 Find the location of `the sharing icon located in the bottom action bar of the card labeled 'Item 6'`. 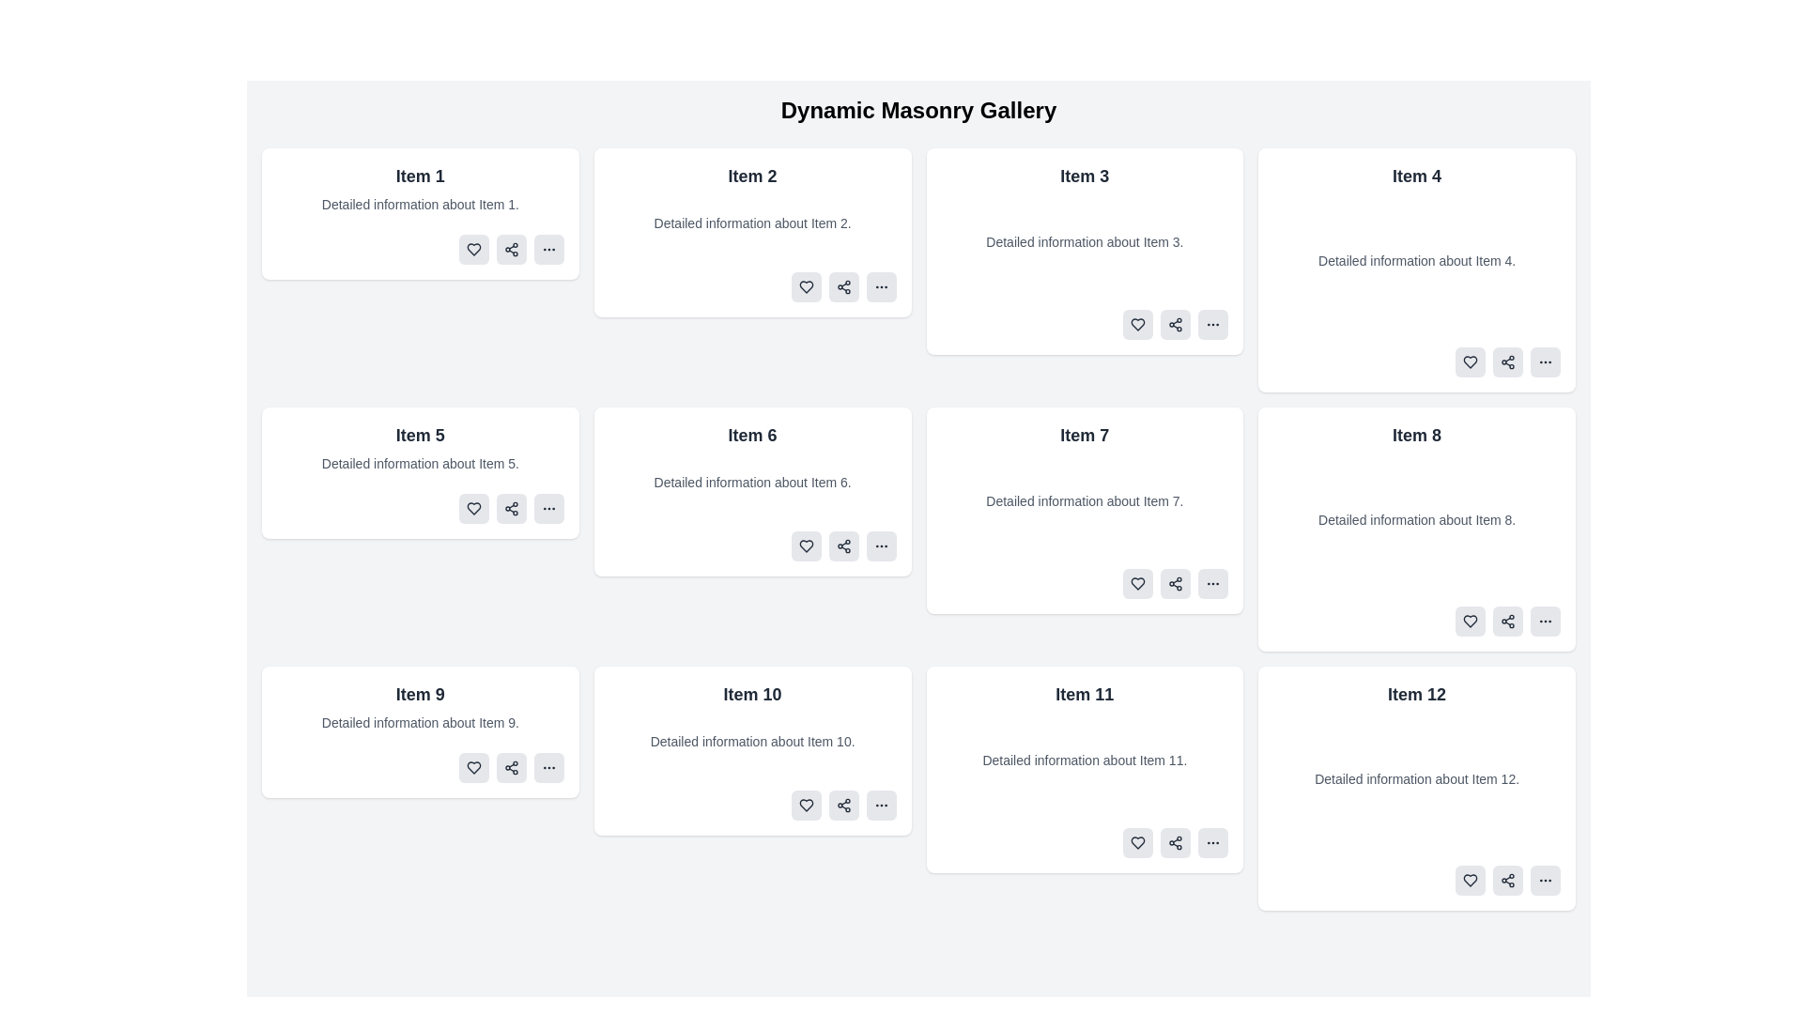

the sharing icon located in the bottom action bar of the card labeled 'Item 6' is located at coordinates (842, 546).